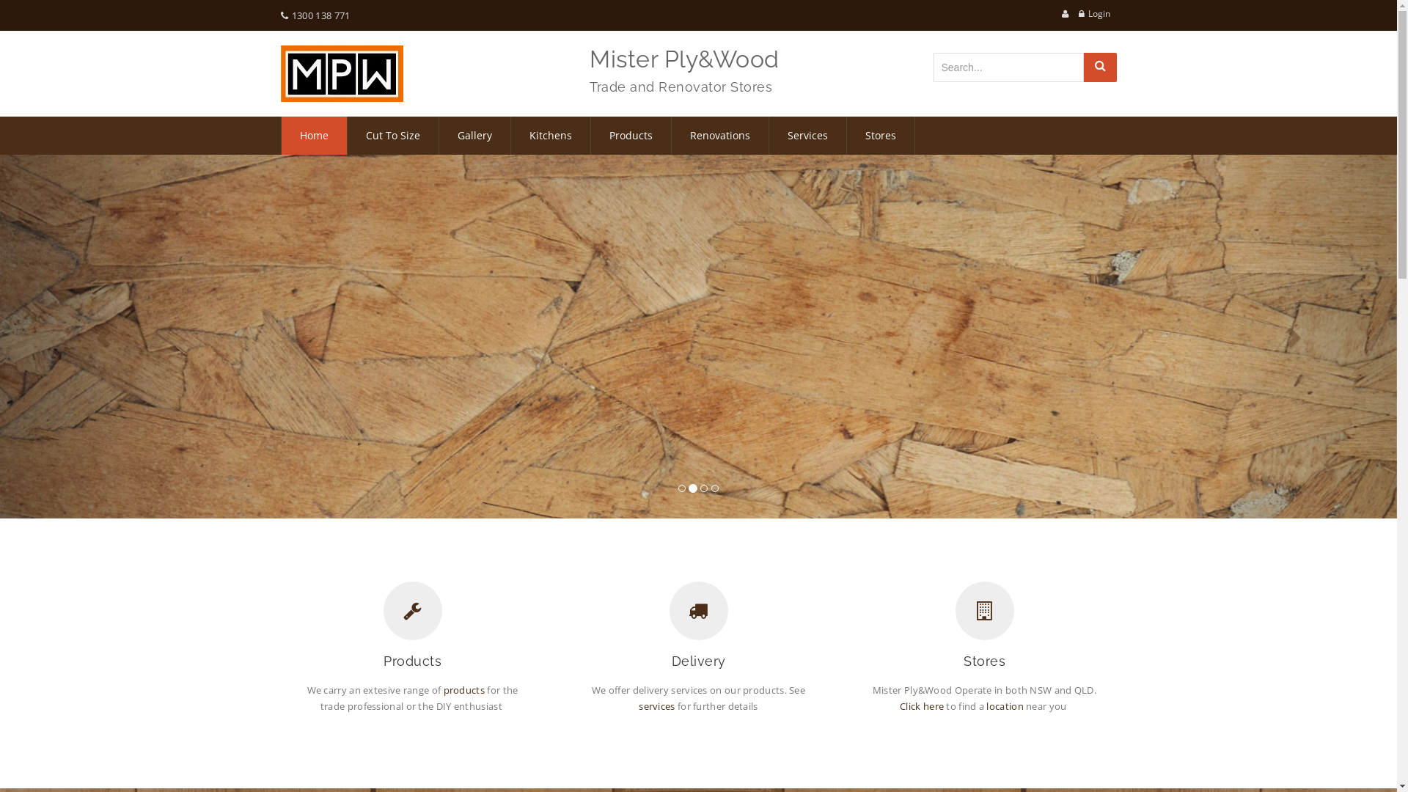  I want to click on 'Click here', so click(899, 705).